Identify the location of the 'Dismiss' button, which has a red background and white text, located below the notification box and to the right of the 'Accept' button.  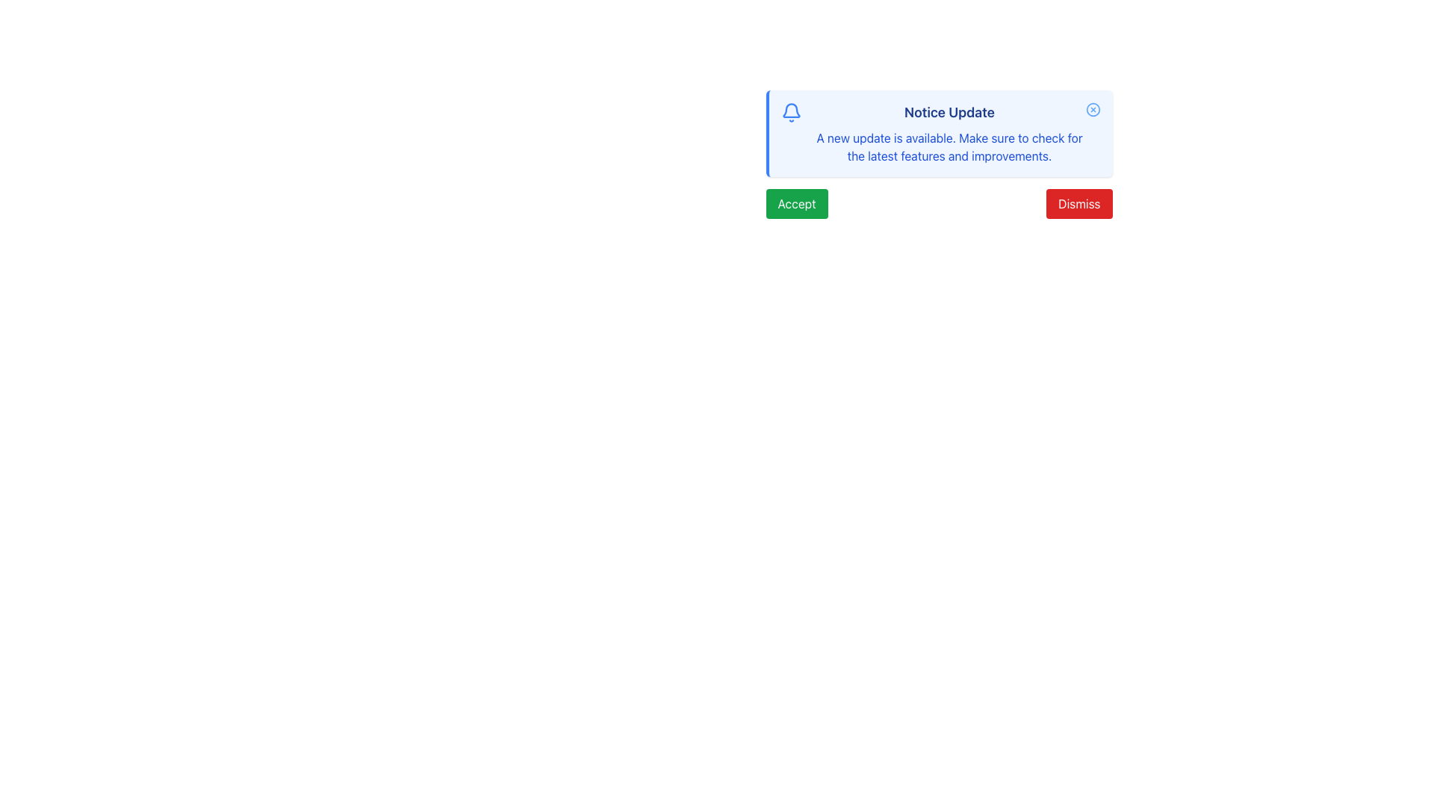
(1079, 204).